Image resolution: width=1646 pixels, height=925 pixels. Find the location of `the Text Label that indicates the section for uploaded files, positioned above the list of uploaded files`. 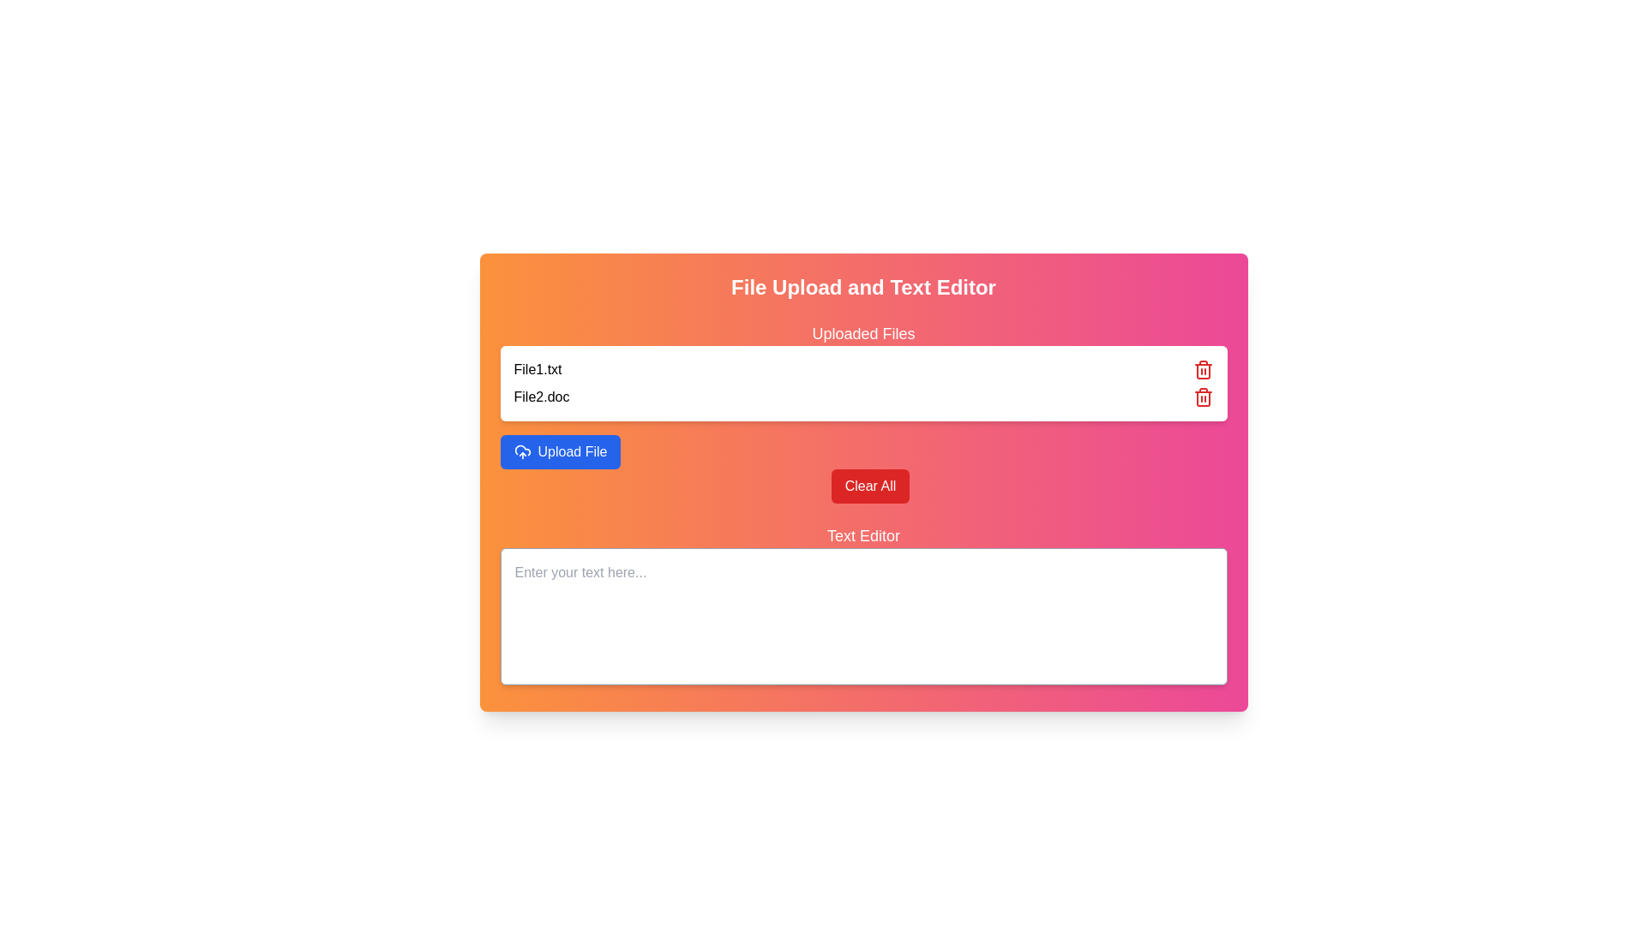

the Text Label that indicates the section for uploaded files, positioned above the list of uploaded files is located at coordinates (863, 333).